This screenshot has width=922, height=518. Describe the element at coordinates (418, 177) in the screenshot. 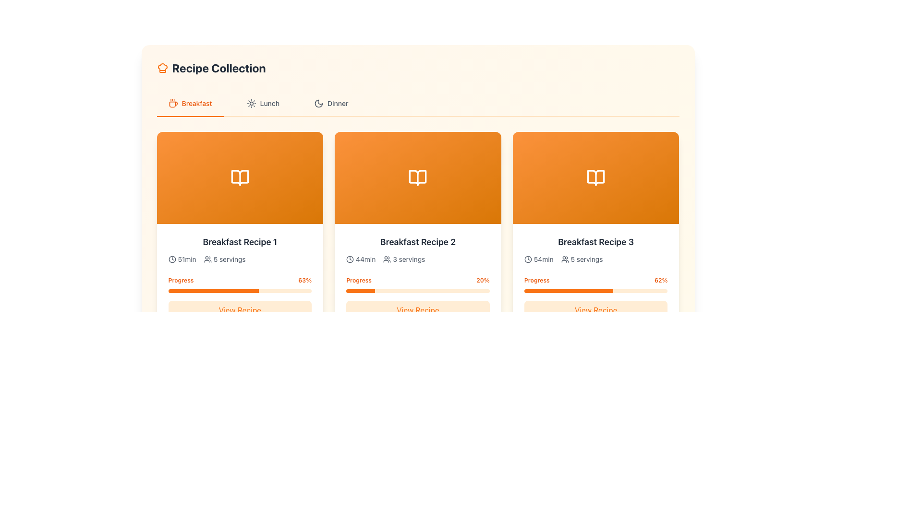

I see `the decorative book icon located at the top-center of the 'Breakfast Recipe 1' card, which serves as a thematic indicator for recipes` at that location.